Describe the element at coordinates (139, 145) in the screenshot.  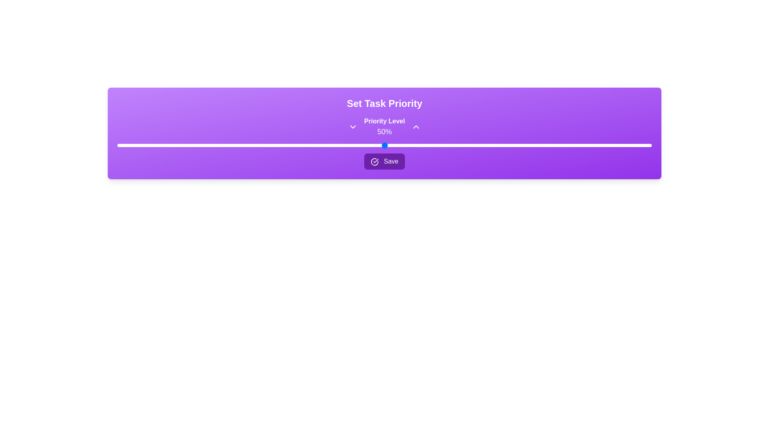
I see `the priority level` at that location.